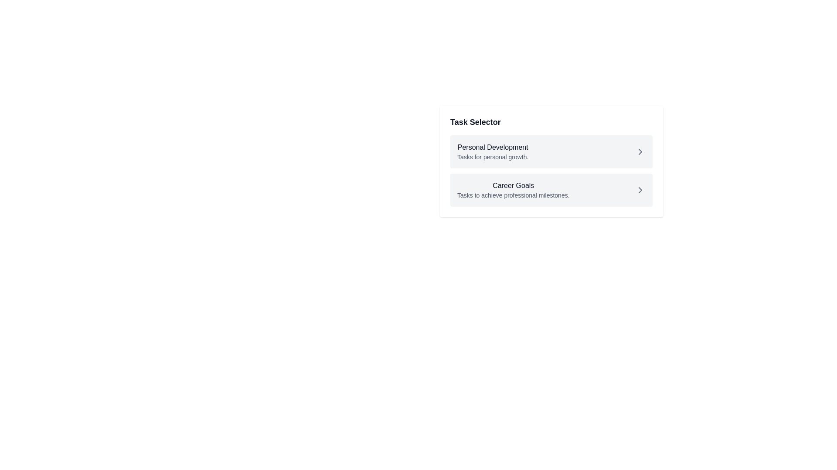 Image resolution: width=837 pixels, height=470 pixels. I want to click on descriptive text element located directly below the 'Career Goals' title, which provides context about the topic, so click(513, 195).